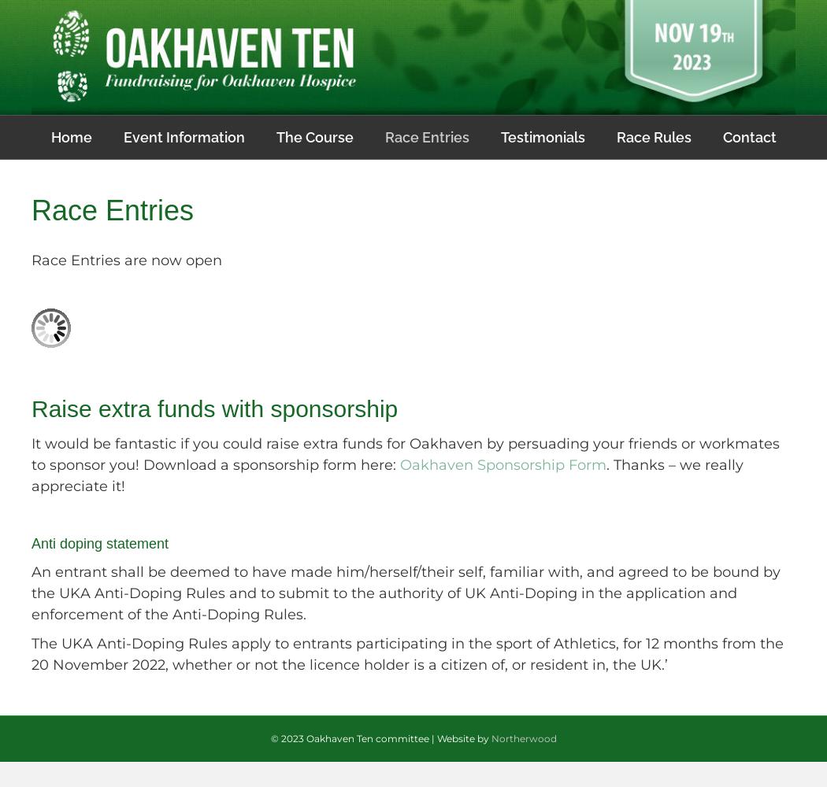  I want to click on 'Contact', so click(747, 136).